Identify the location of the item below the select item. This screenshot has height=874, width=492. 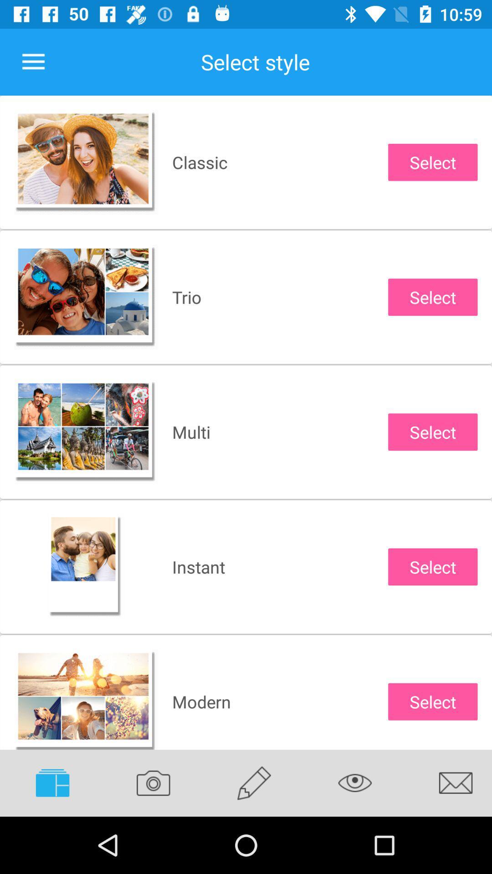
(354, 783).